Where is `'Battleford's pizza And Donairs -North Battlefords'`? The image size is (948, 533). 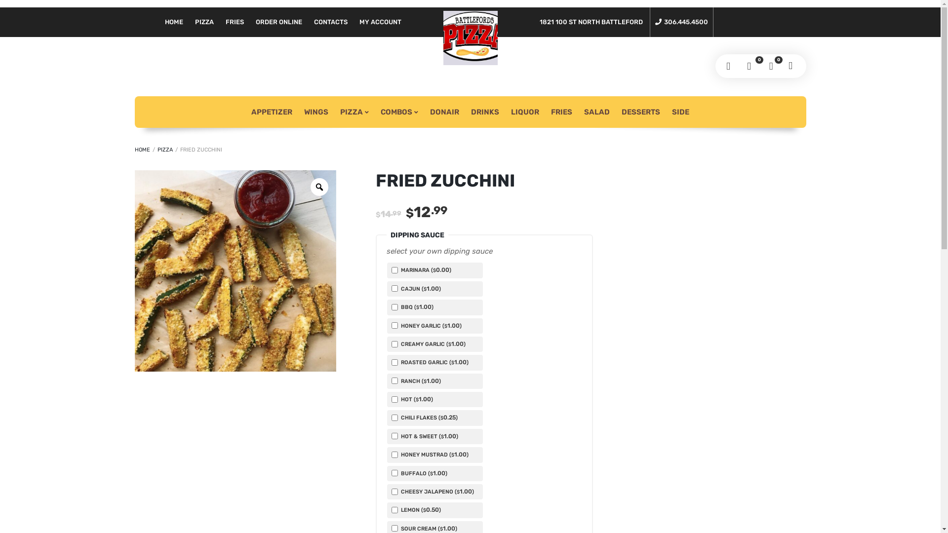
'Battleford's pizza And Donairs -North Battlefords' is located at coordinates (470, 38).